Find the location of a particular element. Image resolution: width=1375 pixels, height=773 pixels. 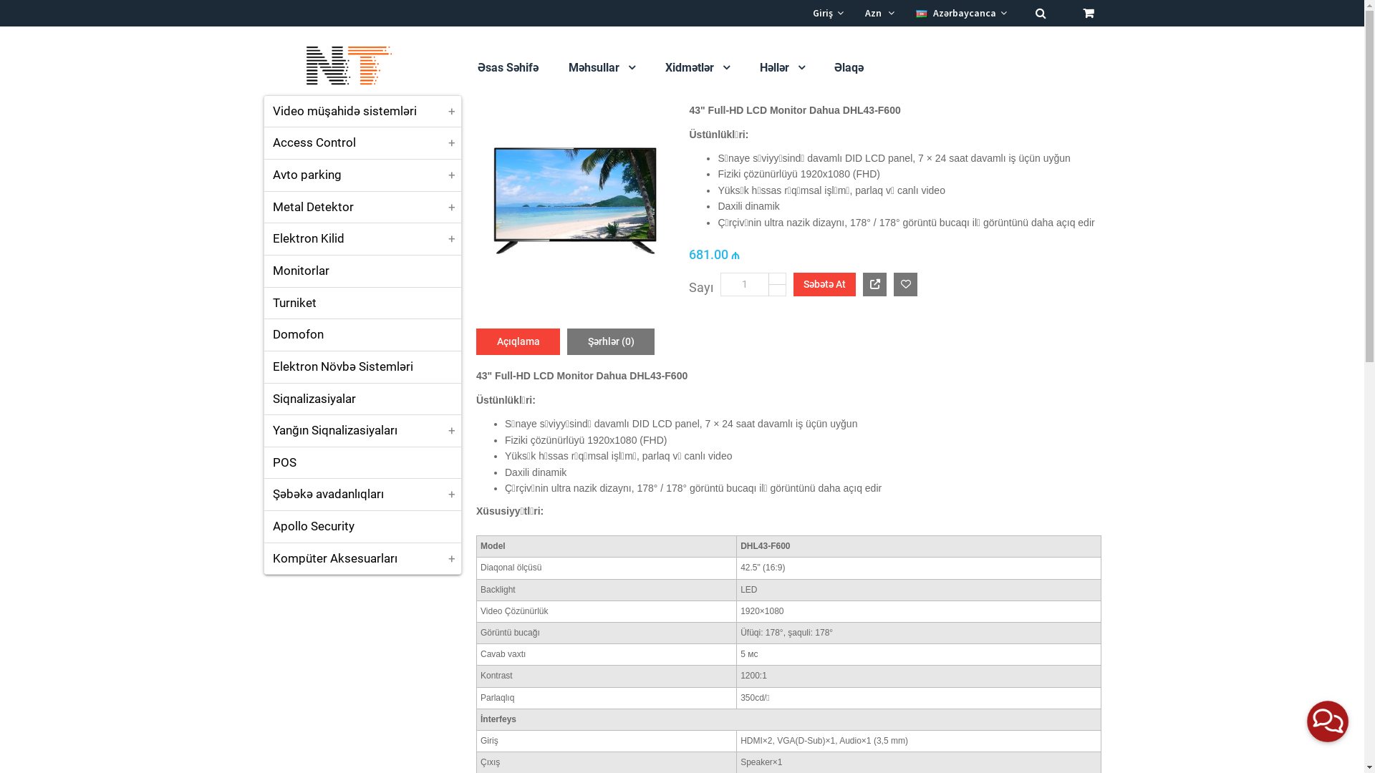

'Monitorlar' is located at coordinates (362, 271).